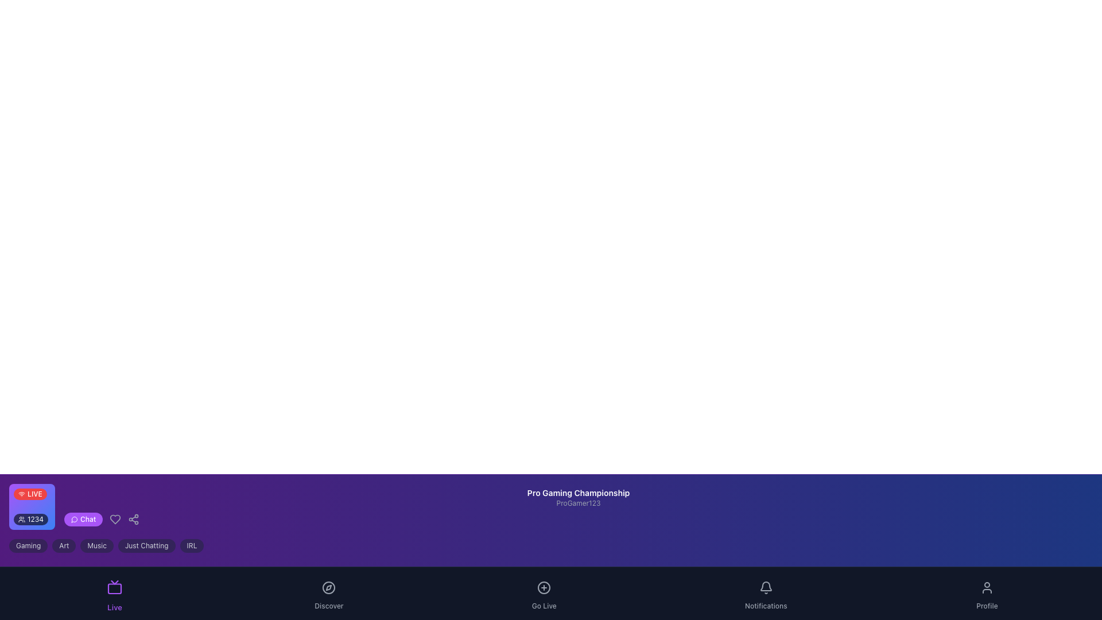 This screenshot has width=1102, height=620. Describe the element at coordinates (766, 606) in the screenshot. I see `the 'Notifications' text label located centrally in the navigation bar, beneath the bell icon` at that location.